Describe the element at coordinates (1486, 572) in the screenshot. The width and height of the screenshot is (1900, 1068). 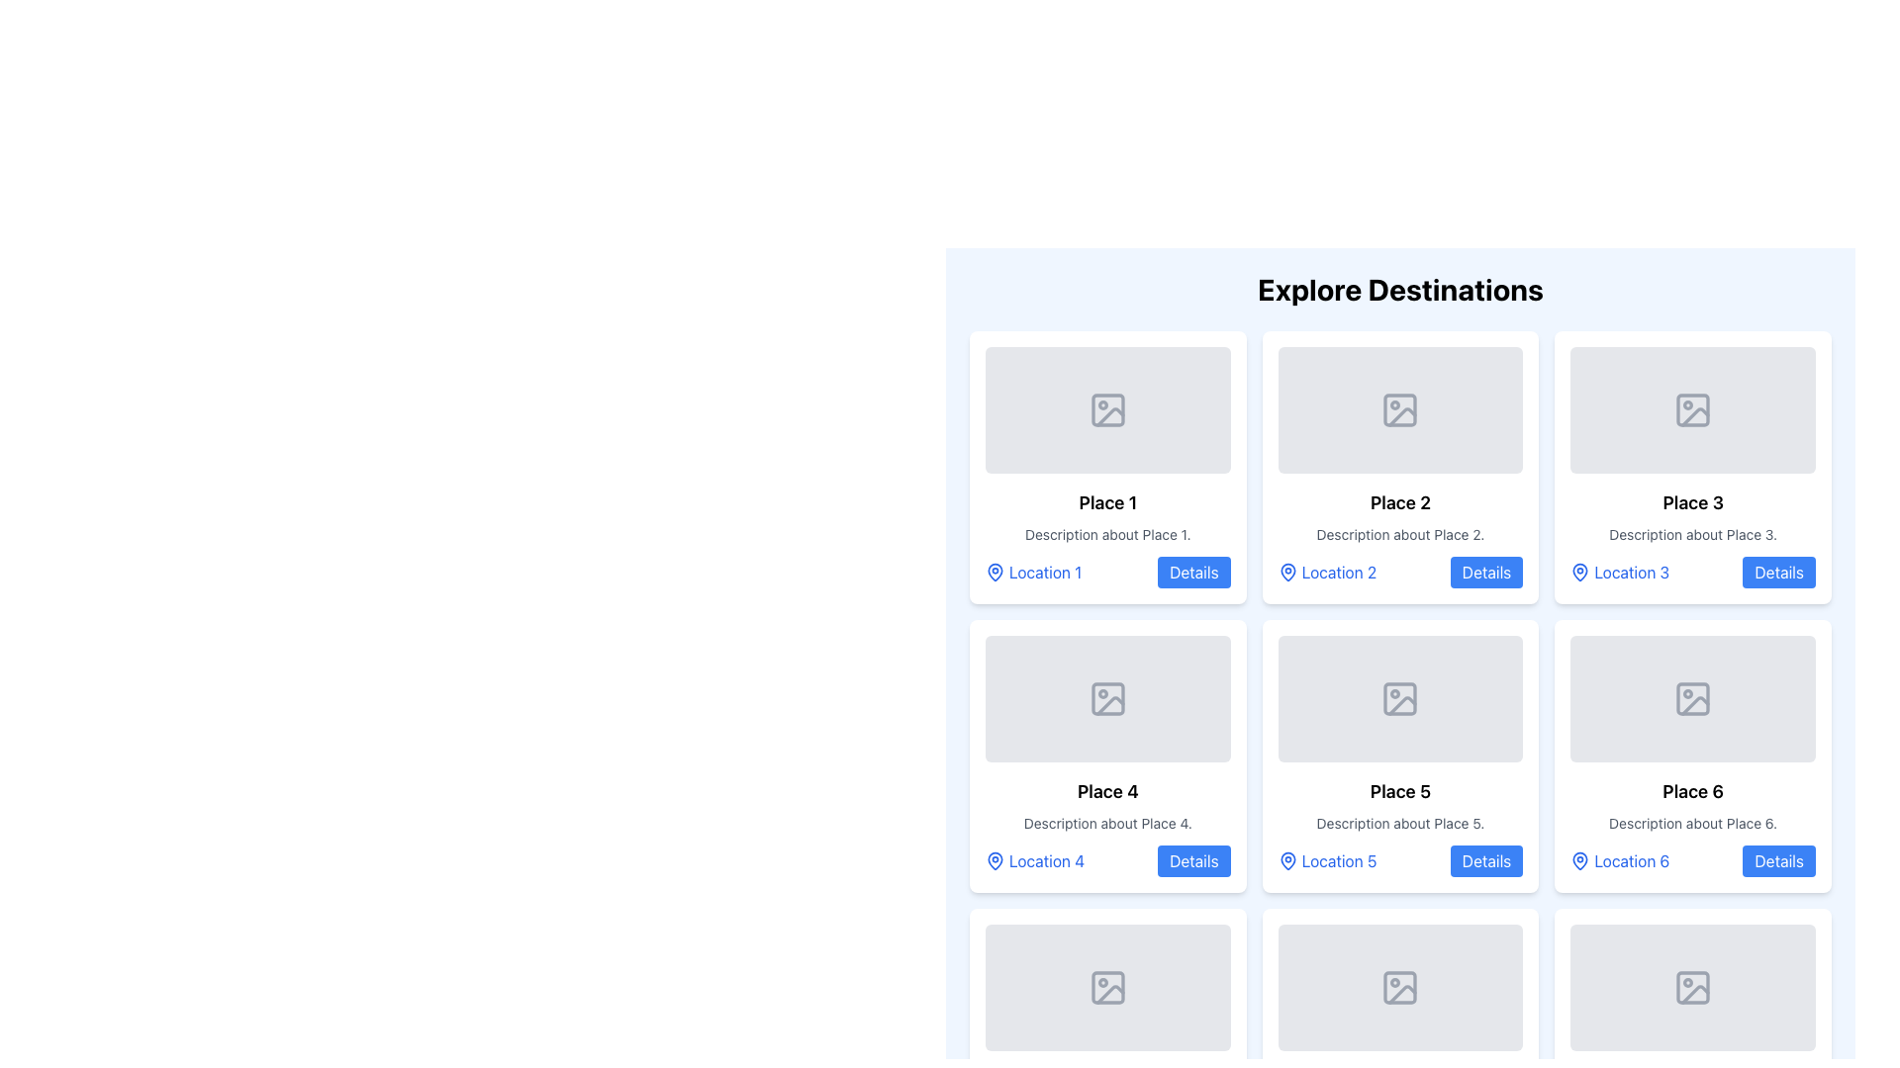
I see `the 'Details' button, which is a rectangular button with bold white text on a blue background located at the bottom-right corner of the second card in the 'Explore Destinations' section` at that location.